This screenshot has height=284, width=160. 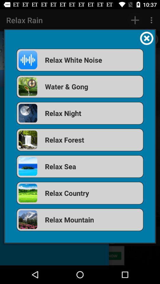 What do you see at coordinates (146, 38) in the screenshot?
I see `the item at the top right corner` at bounding box center [146, 38].